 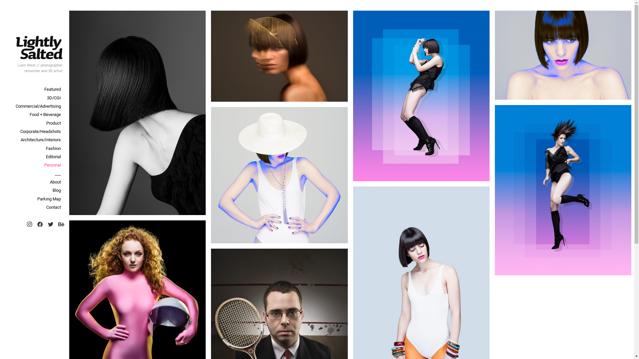 I want to click on 'Architecture/Interiors', so click(x=33, y=139).